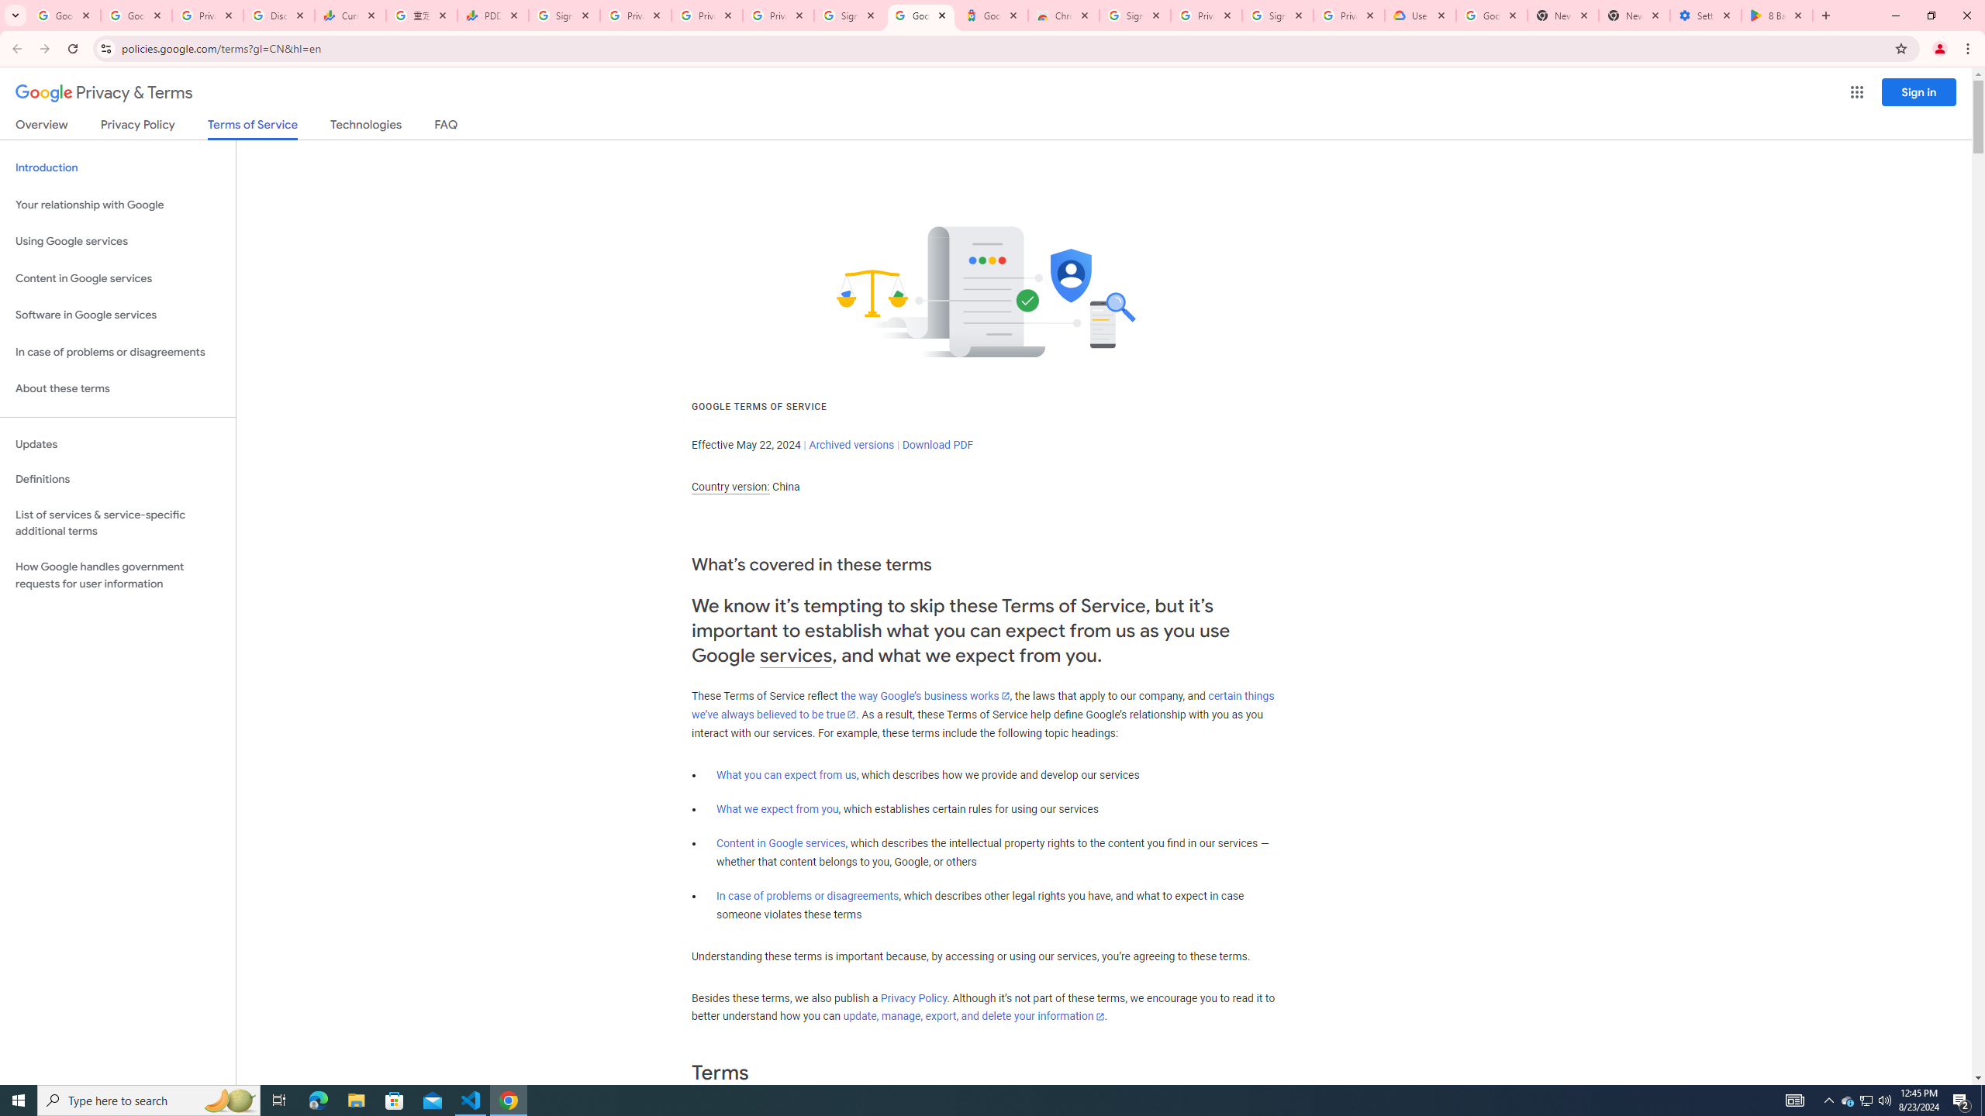 The width and height of the screenshot is (1985, 1116). What do you see at coordinates (117, 522) in the screenshot?
I see `'List of services & service-specific additional terms'` at bounding box center [117, 522].